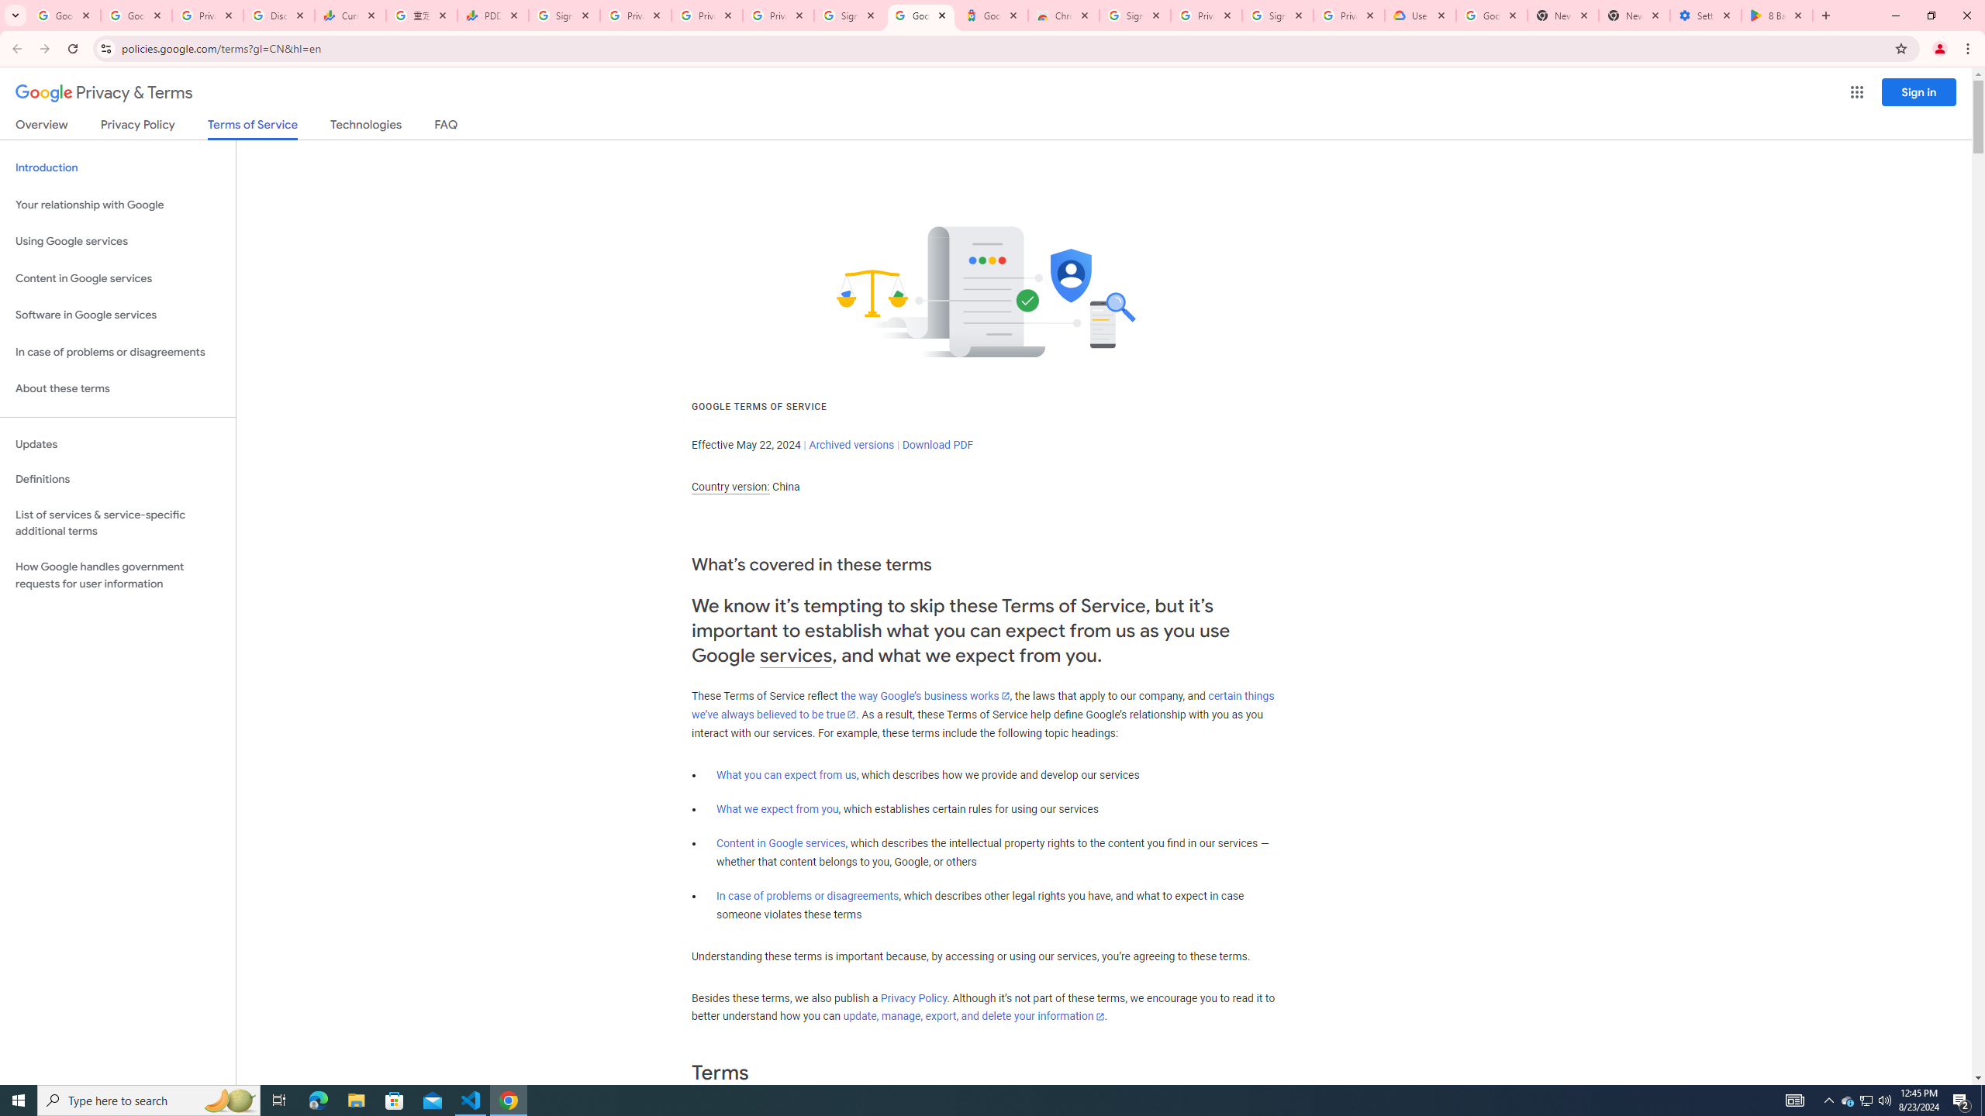 The width and height of the screenshot is (1985, 1116). What do you see at coordinates (117, 522) in the screenshot?
I see `'List of services & service-specific additional terms'` at bounding box center [117, 522].